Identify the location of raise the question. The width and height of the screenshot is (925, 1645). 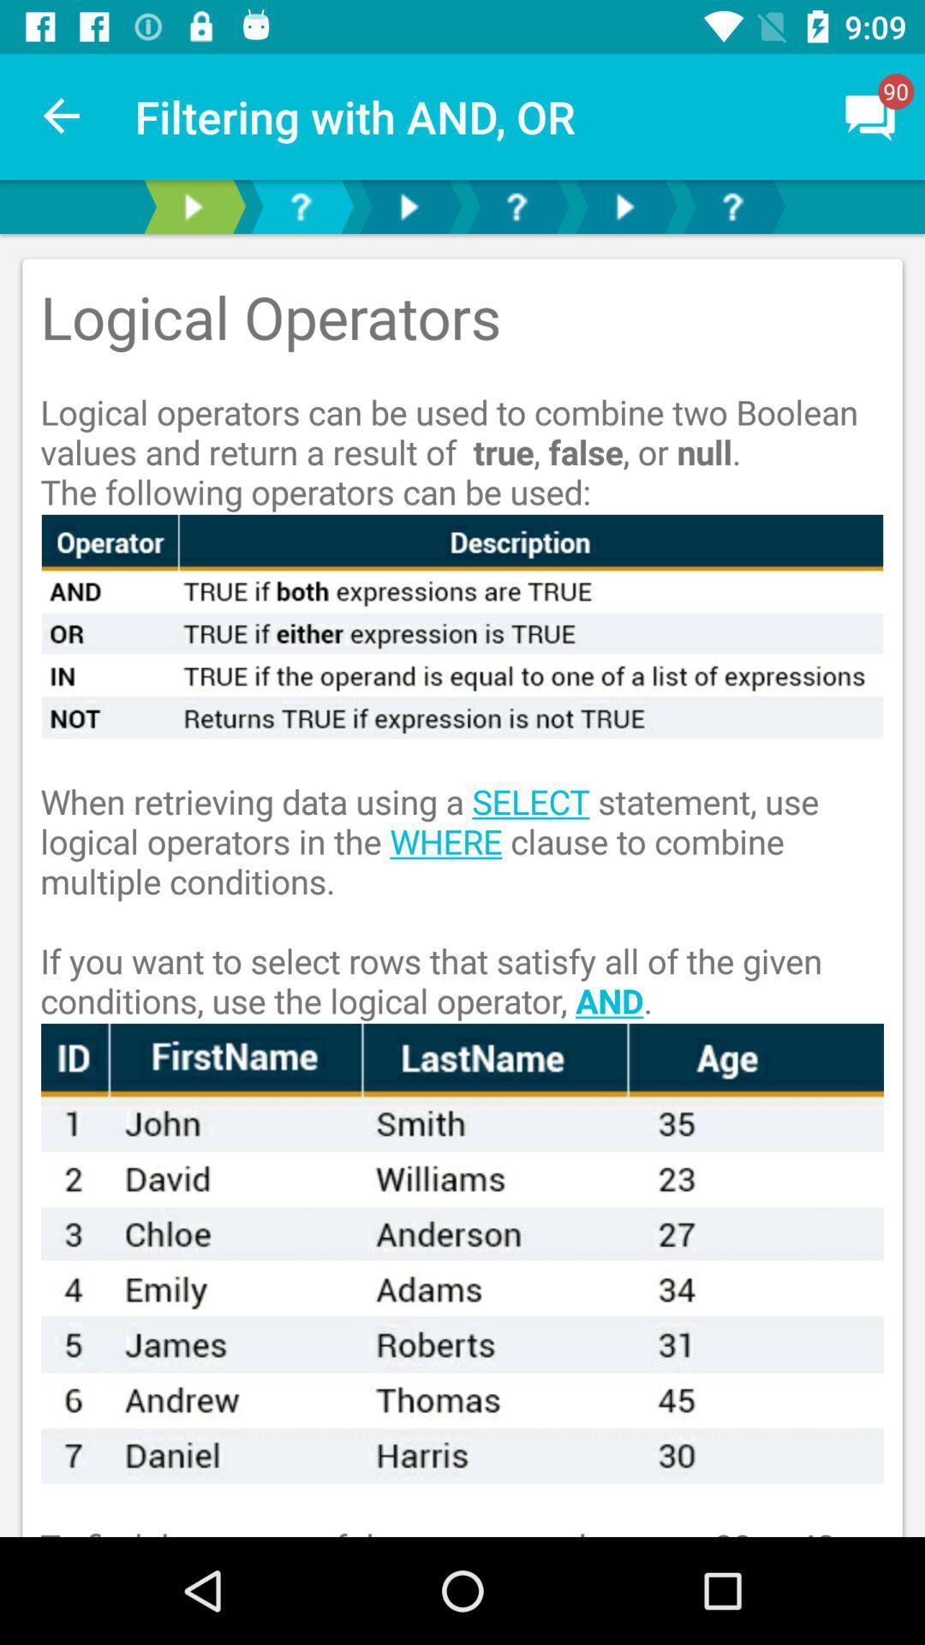
(515, 206).